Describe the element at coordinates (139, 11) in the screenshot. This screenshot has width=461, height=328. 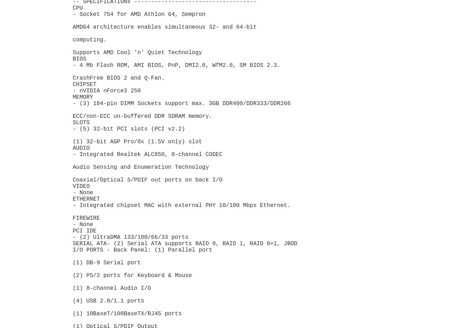
I see `'CPU
- Socket 754 for AMD Athlon 64, Sempron'` at that location.